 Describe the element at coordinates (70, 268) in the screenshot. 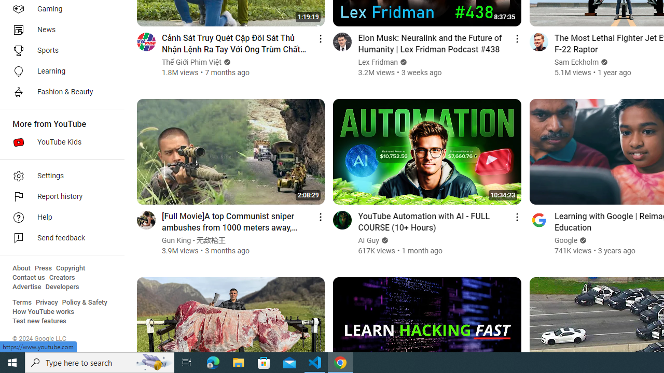

I see `'Copyright'` at that location.